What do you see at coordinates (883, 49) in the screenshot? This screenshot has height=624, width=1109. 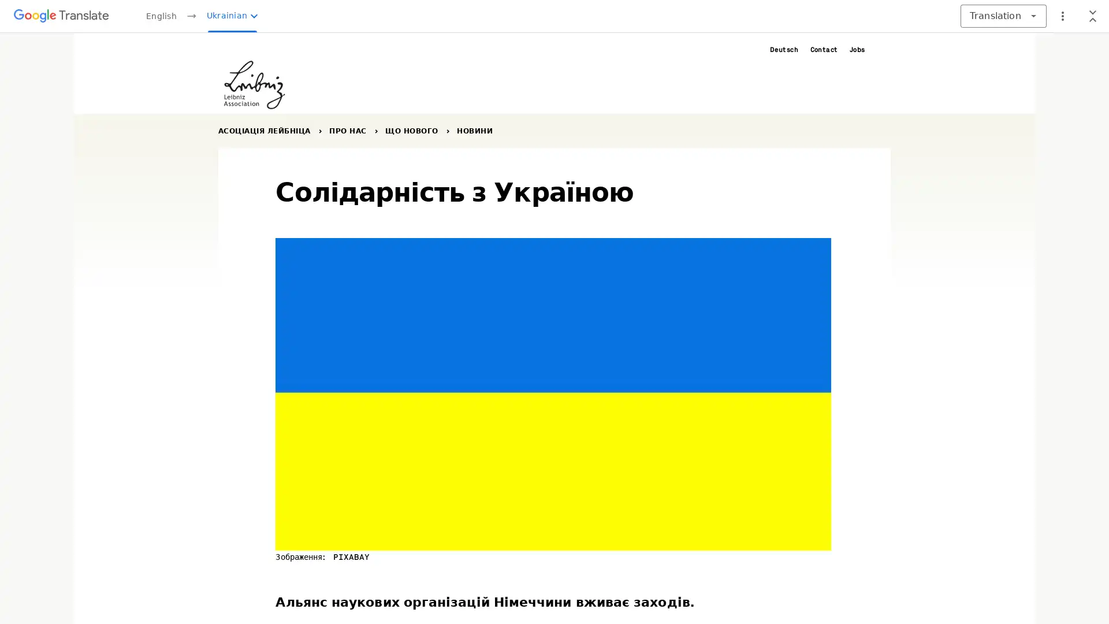 I see `Suchefunktion Offnen` at bounding box center [883, 49].